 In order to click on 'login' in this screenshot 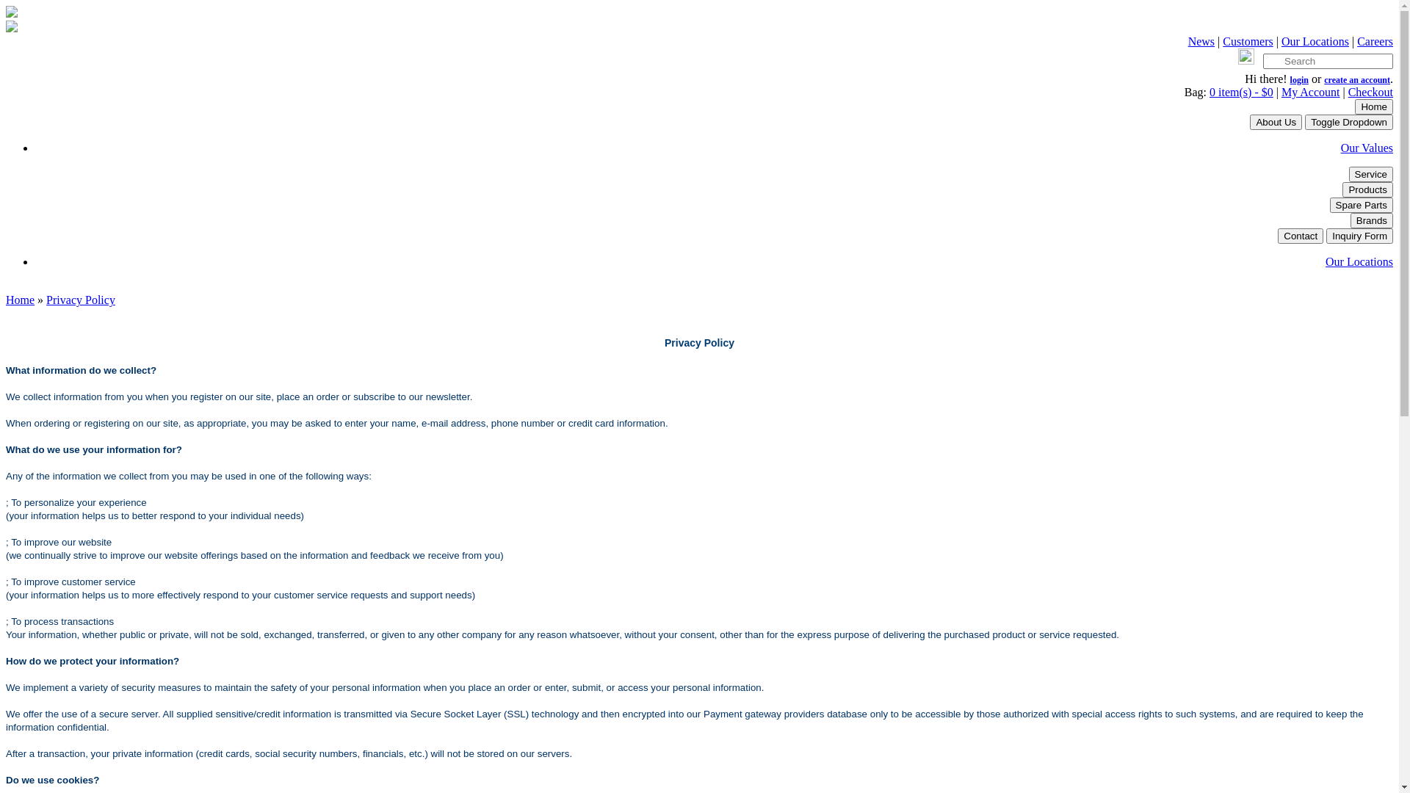, I will do `click(1299, 79)`.